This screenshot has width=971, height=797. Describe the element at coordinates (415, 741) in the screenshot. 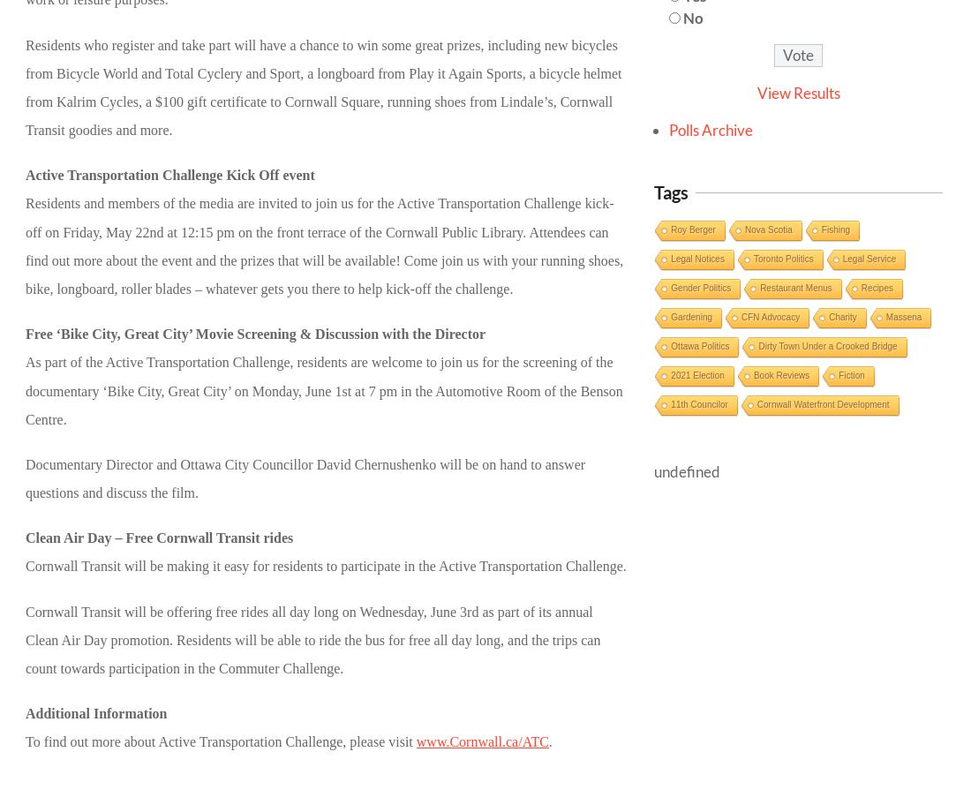

I see `'www.Cornwall.ca/ATC'` at that location.